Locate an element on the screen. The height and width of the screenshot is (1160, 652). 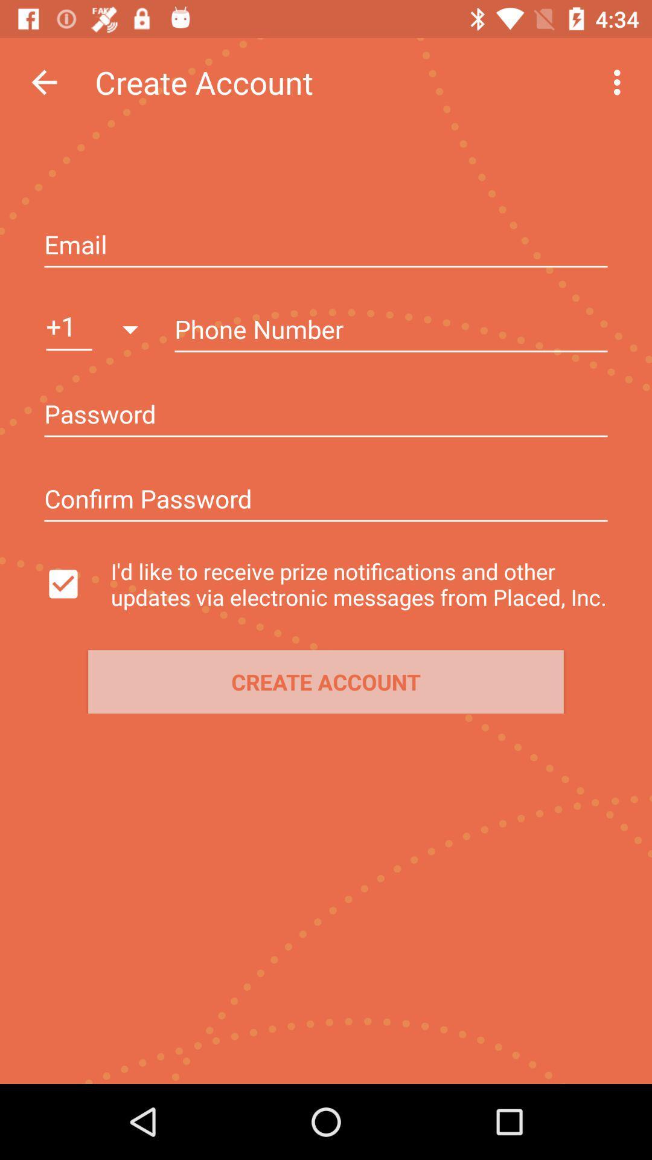
switch notifications option is located at coordinates (74, 584).